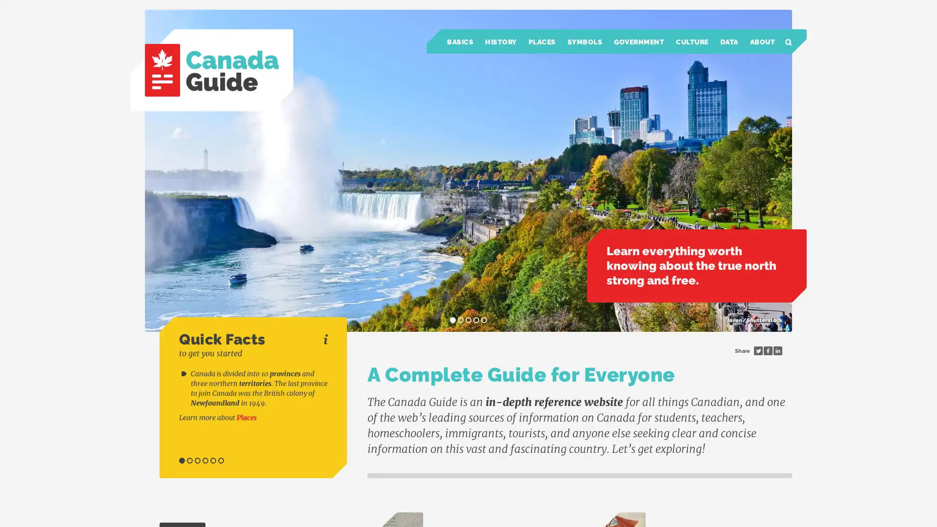 The image size is (937, 527). I want to click on Go to slide 5, so click(484, 320).